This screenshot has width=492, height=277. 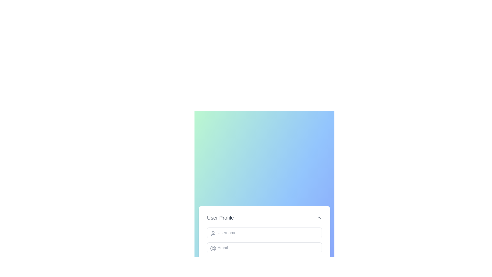 What do you see at coordinates (213, 248) in the screenshot?
I see `the decorative graphical icon element that forms part of the '@' sign, located to the left of the 'Email' input field in the 'User Profile' section` at bounding box center [213, 248].